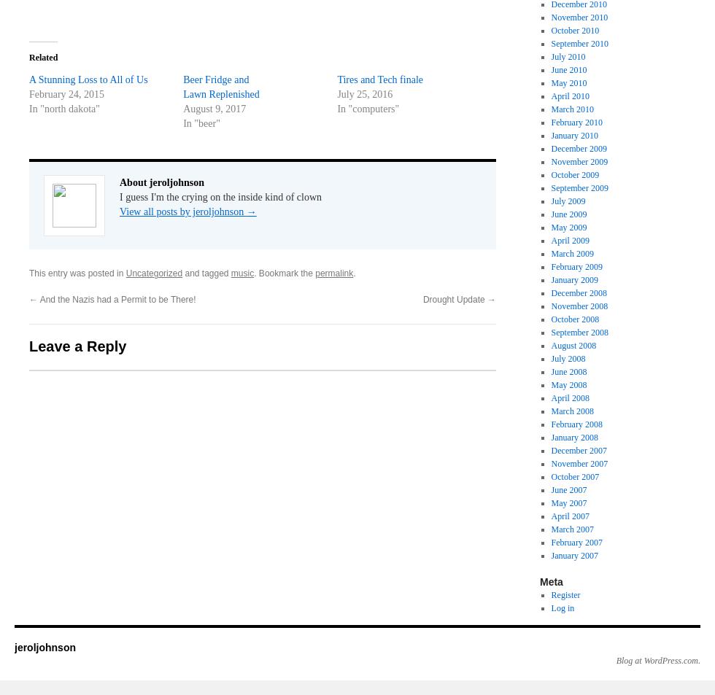 The width and height of the screenshot is (715, 695). Describe the element at coordinates (562, 607) in the screenshot. I see `'Log in'` at that location.